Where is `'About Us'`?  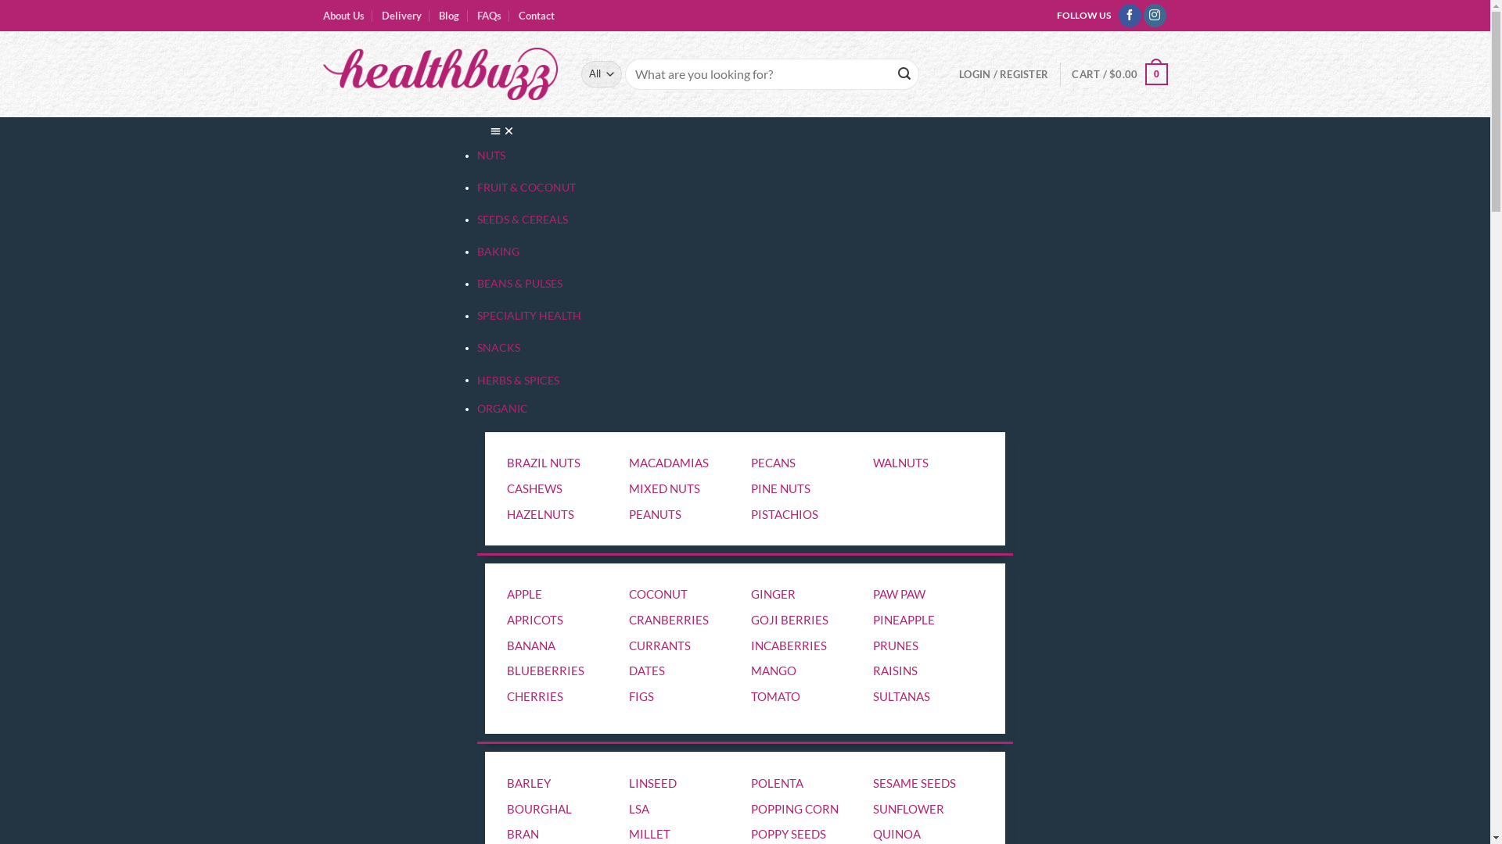
'About Us' is located at coordinates (342, 15).